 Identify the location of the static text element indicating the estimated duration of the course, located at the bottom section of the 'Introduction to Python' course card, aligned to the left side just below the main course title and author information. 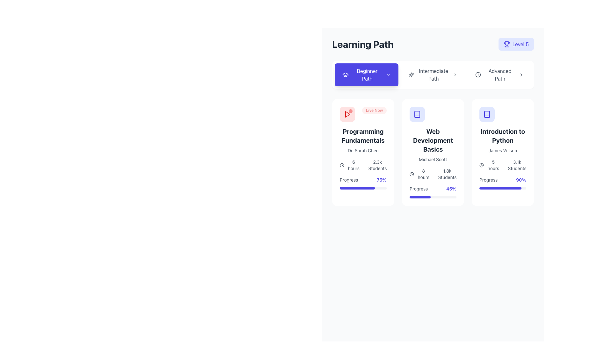
(493, 165).